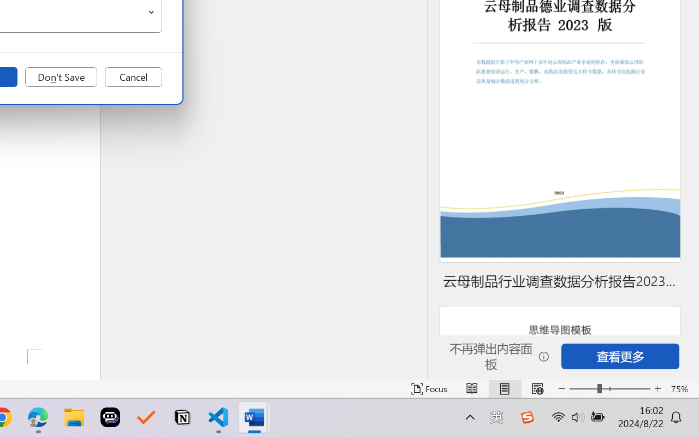 This screenshot has height=437, width=699. I want to click on 'Don', so click(61, 77).